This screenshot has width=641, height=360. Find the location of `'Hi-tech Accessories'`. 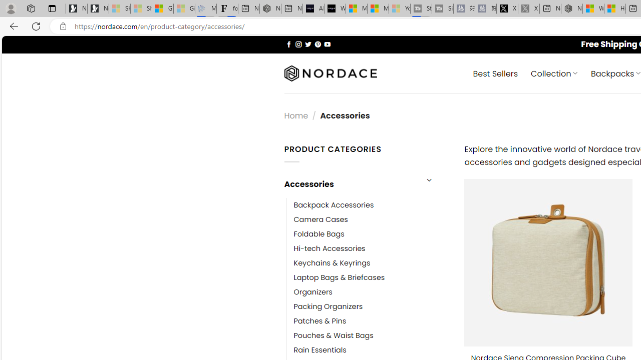

'Hi-tech Accessories' is located at coordinates (329, 247).